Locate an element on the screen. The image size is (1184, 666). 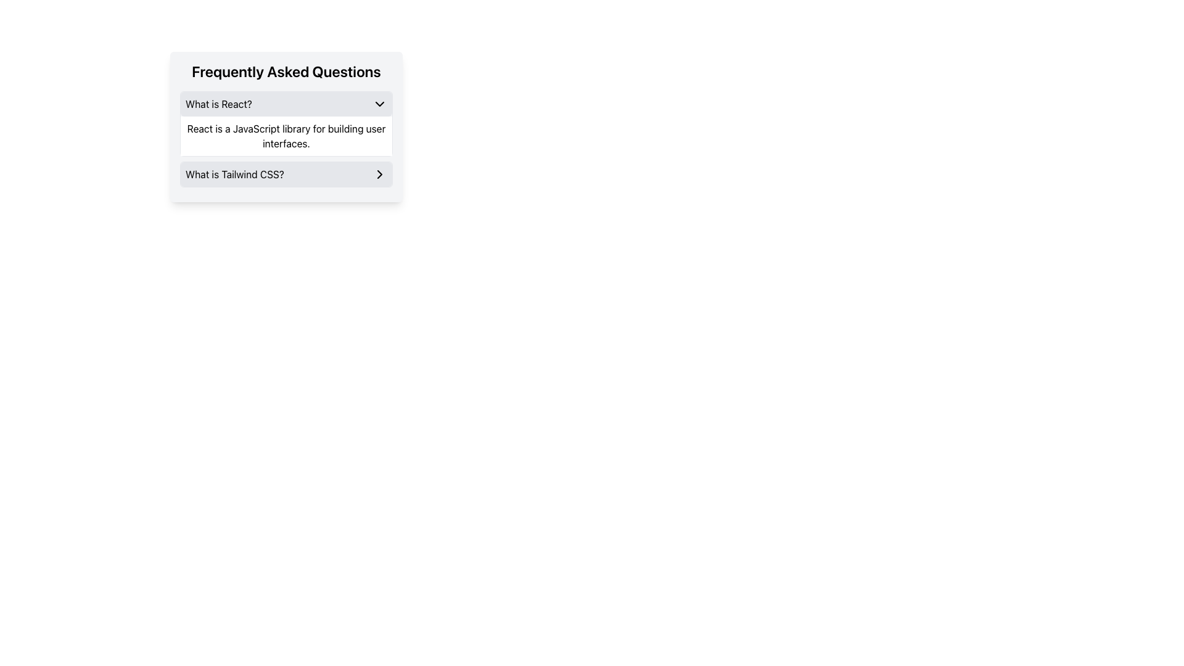
the FAQ button labeled 'What is Tailwind CSS?' is located at coordinates (286, 174).